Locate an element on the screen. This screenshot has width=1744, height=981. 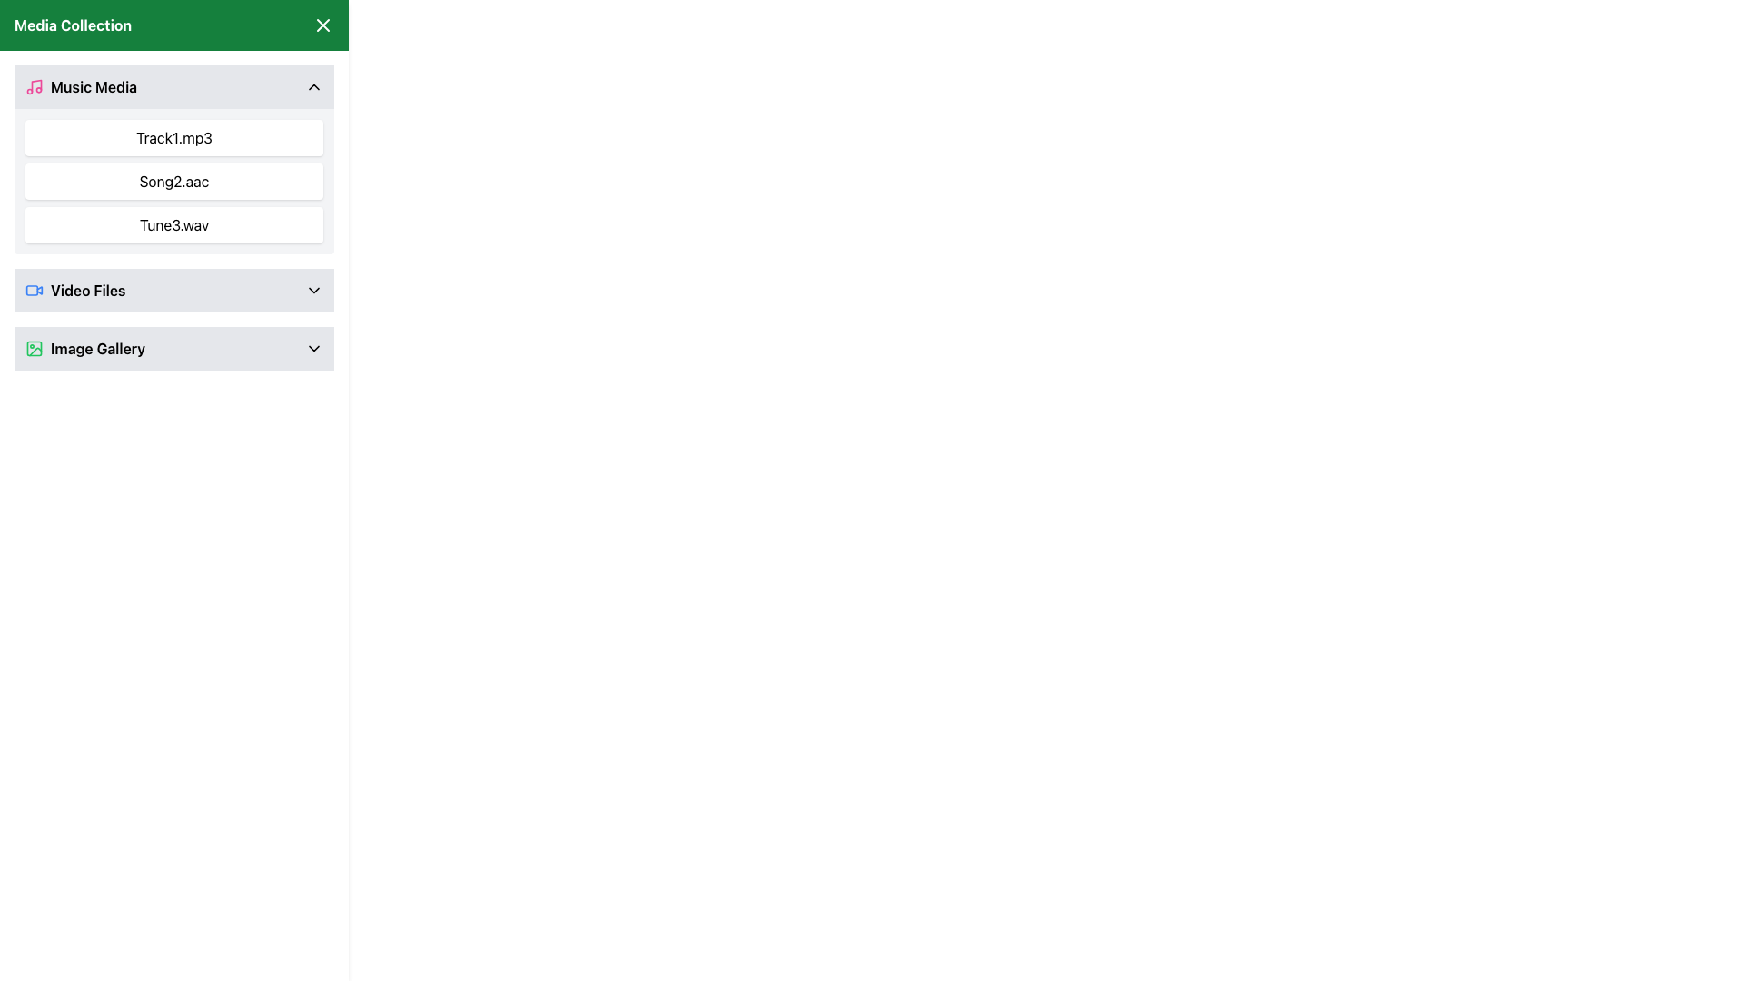
the upward motion icon button on the rightmost side of the 'Music Media' header is located at coordinates (313, 87).